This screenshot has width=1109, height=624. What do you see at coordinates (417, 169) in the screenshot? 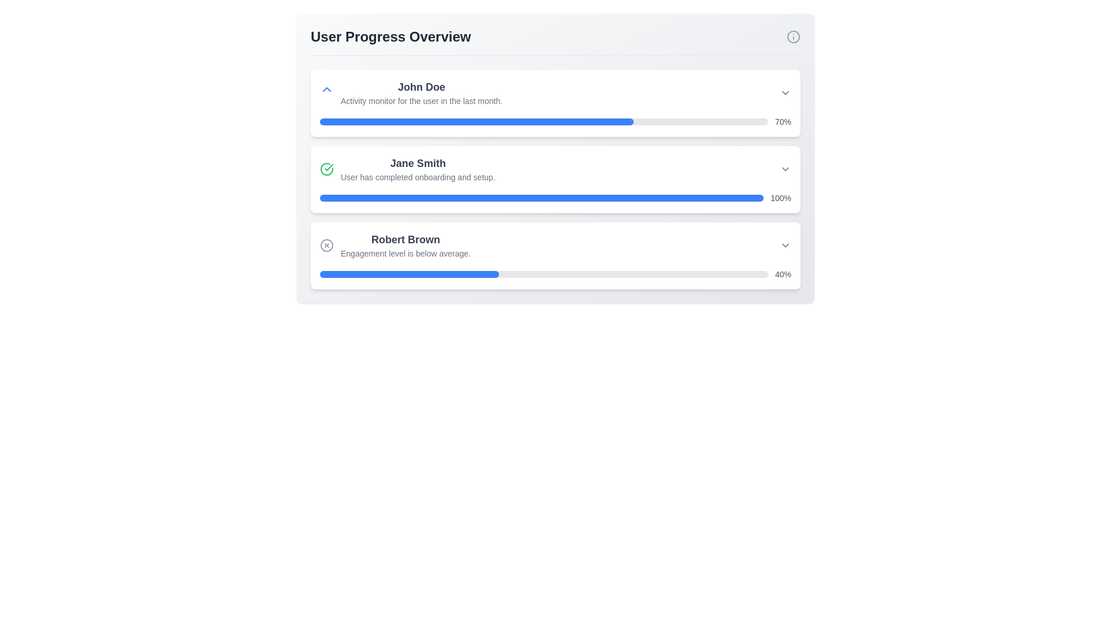
I see `the text block that indicates 'Jane Smith' has completed onboarding and setup, which is the second item in the vertical list of user progress cards` at bounding box center [417, 169].